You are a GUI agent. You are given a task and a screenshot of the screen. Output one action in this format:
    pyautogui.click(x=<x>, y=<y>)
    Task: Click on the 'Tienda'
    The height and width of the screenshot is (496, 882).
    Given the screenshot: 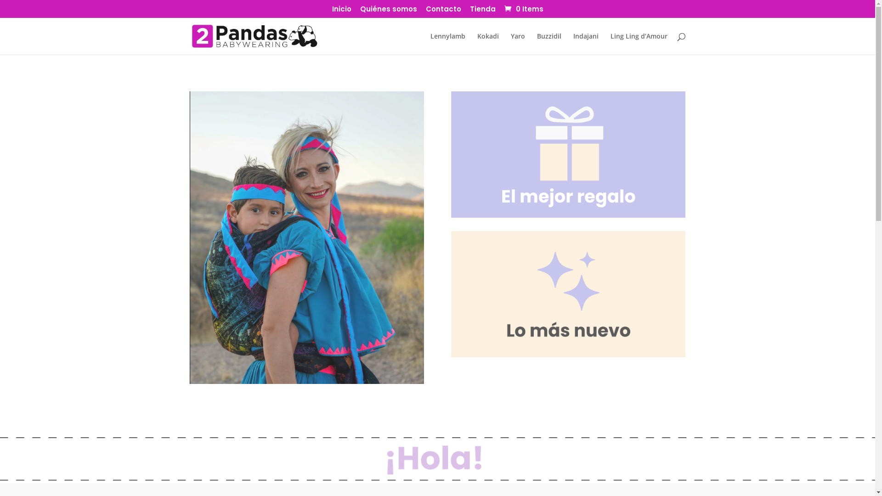 What is the action you would take?
    pyautogui.click(x=482, y=11)
    